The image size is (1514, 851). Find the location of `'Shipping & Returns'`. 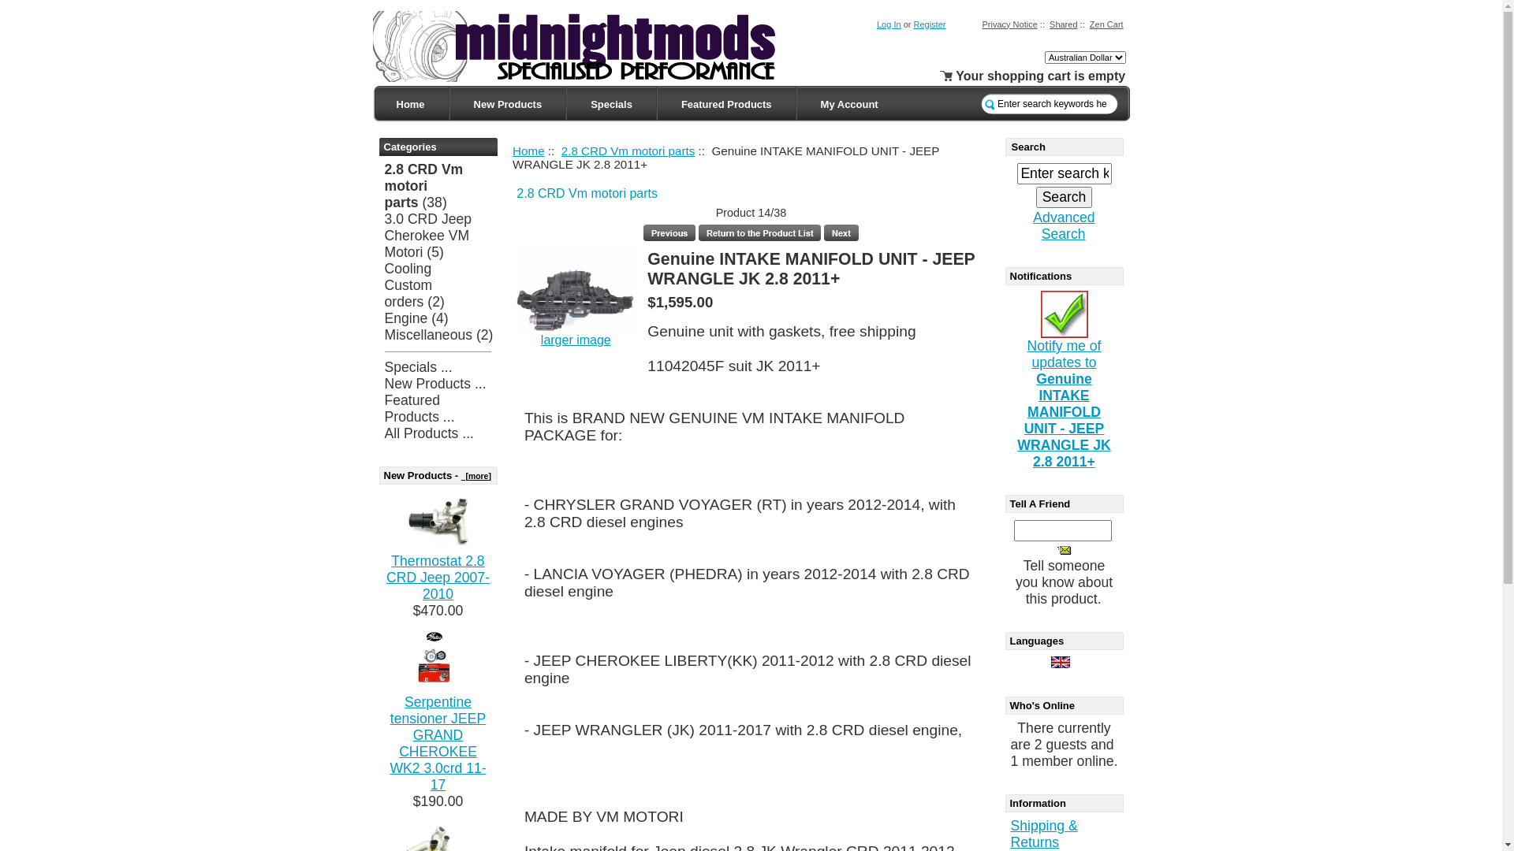

'Shipping & Returns' is located at coordinates (1044, 833).